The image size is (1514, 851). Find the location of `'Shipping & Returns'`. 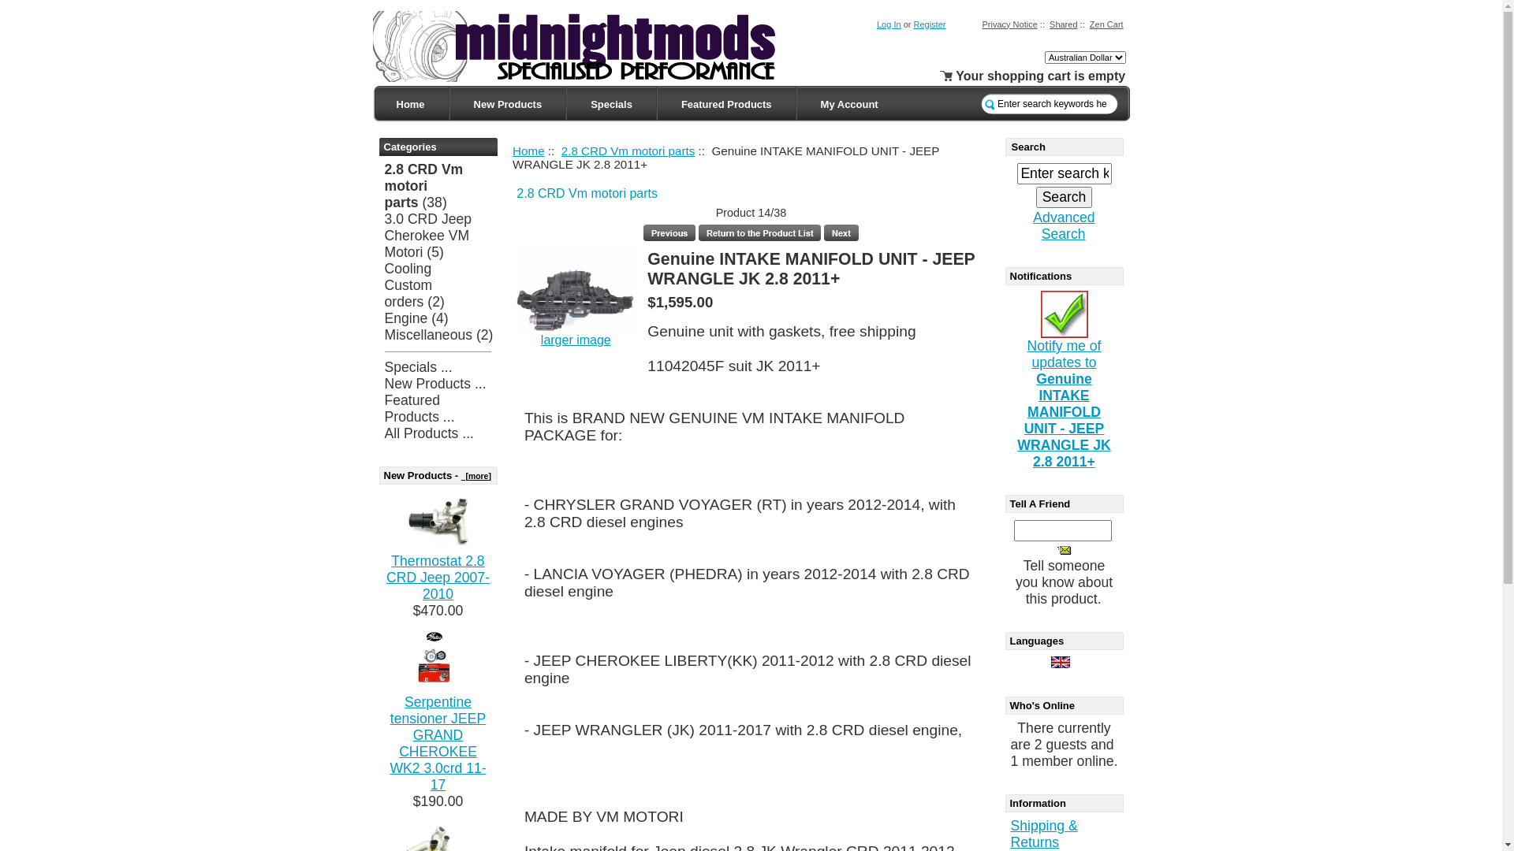

'Shipping & Returns' is located at coordinates (1044, 833).